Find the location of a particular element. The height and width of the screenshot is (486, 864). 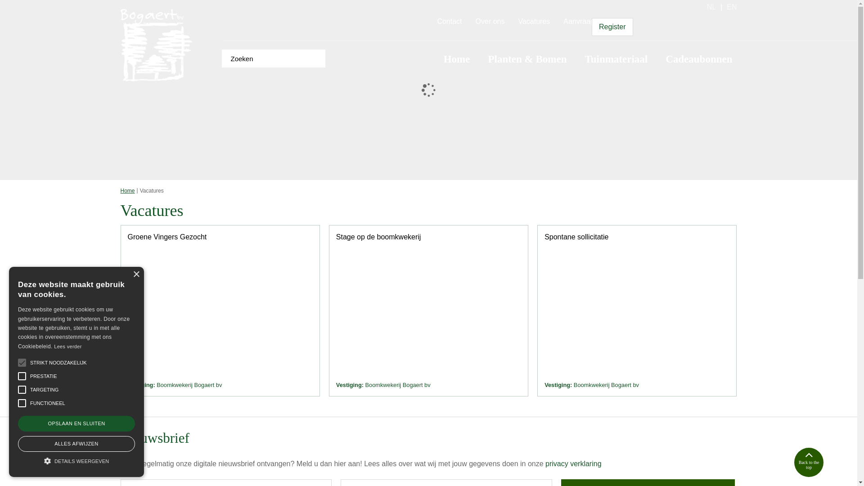

'Contact' is located at coordinates (449, 21).